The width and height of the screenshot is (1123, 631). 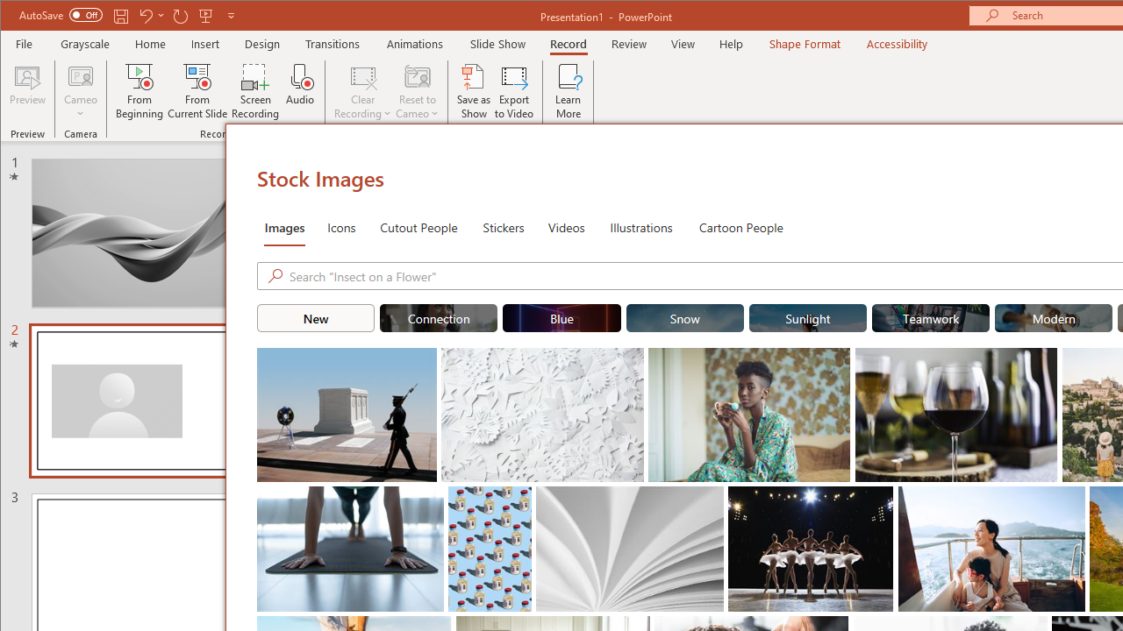 I want to click on 'Cutout People', so click(x=418, y=225).